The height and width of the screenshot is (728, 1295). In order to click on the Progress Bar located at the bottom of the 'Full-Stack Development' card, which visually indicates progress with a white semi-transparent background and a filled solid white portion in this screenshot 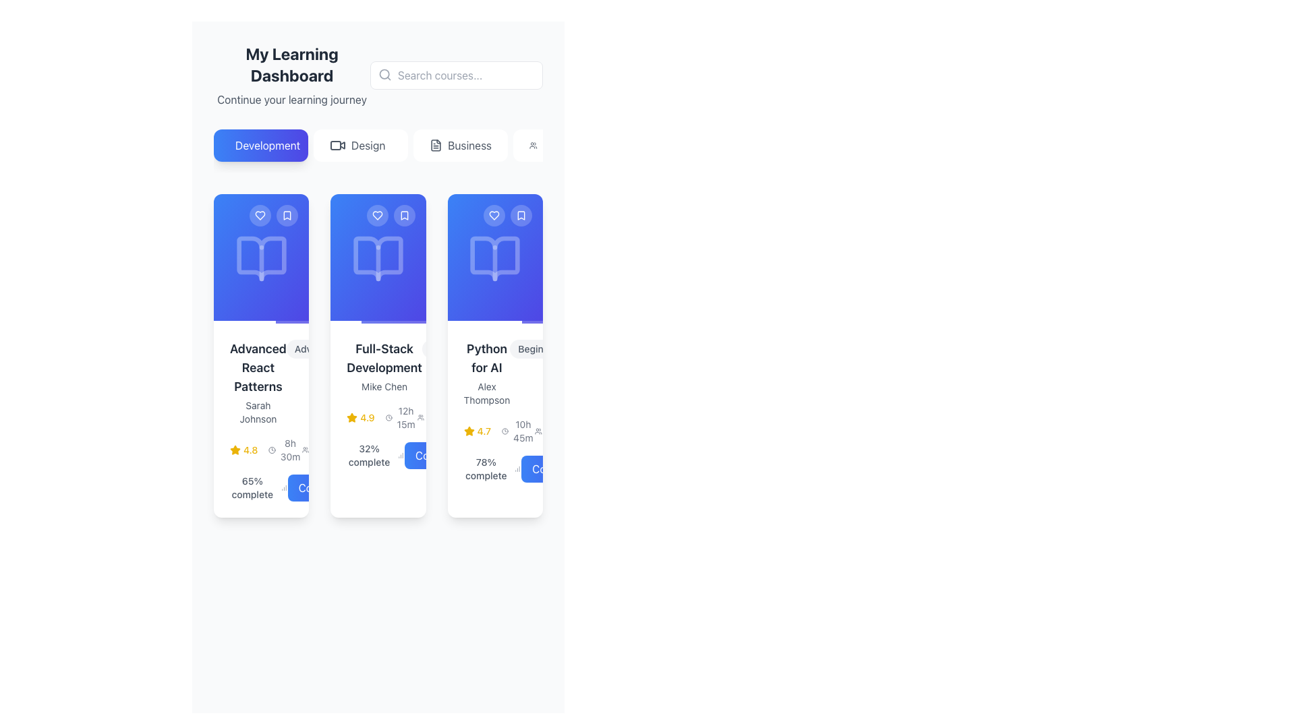, I will do `click(378, 322)`.